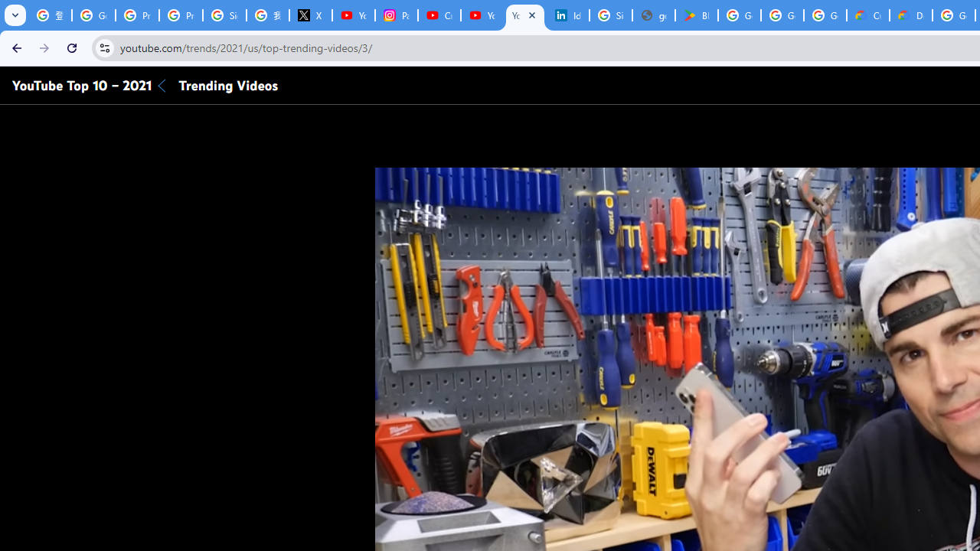  I want to click on 'X', so click(309, 15).